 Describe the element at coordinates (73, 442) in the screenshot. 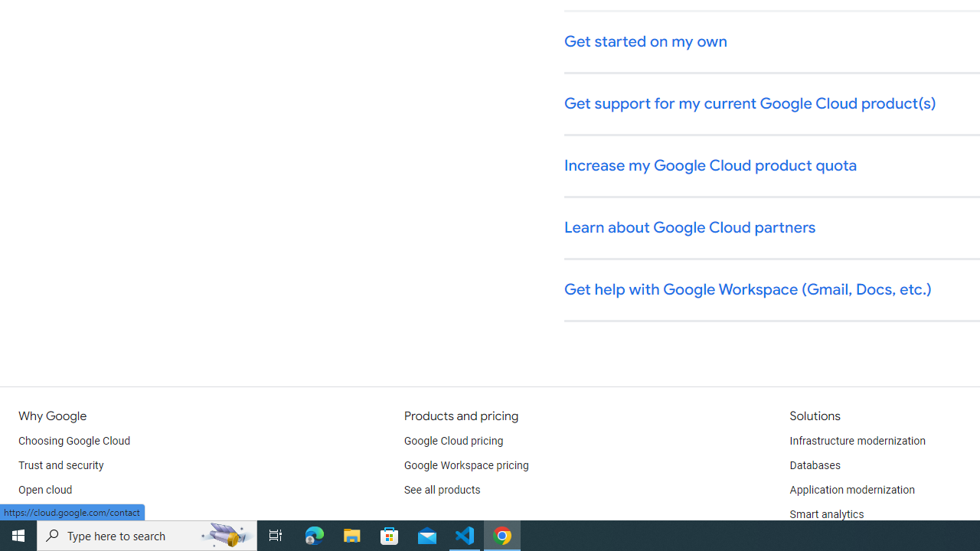

I see `'Choosing Google Cloud'` at that location.